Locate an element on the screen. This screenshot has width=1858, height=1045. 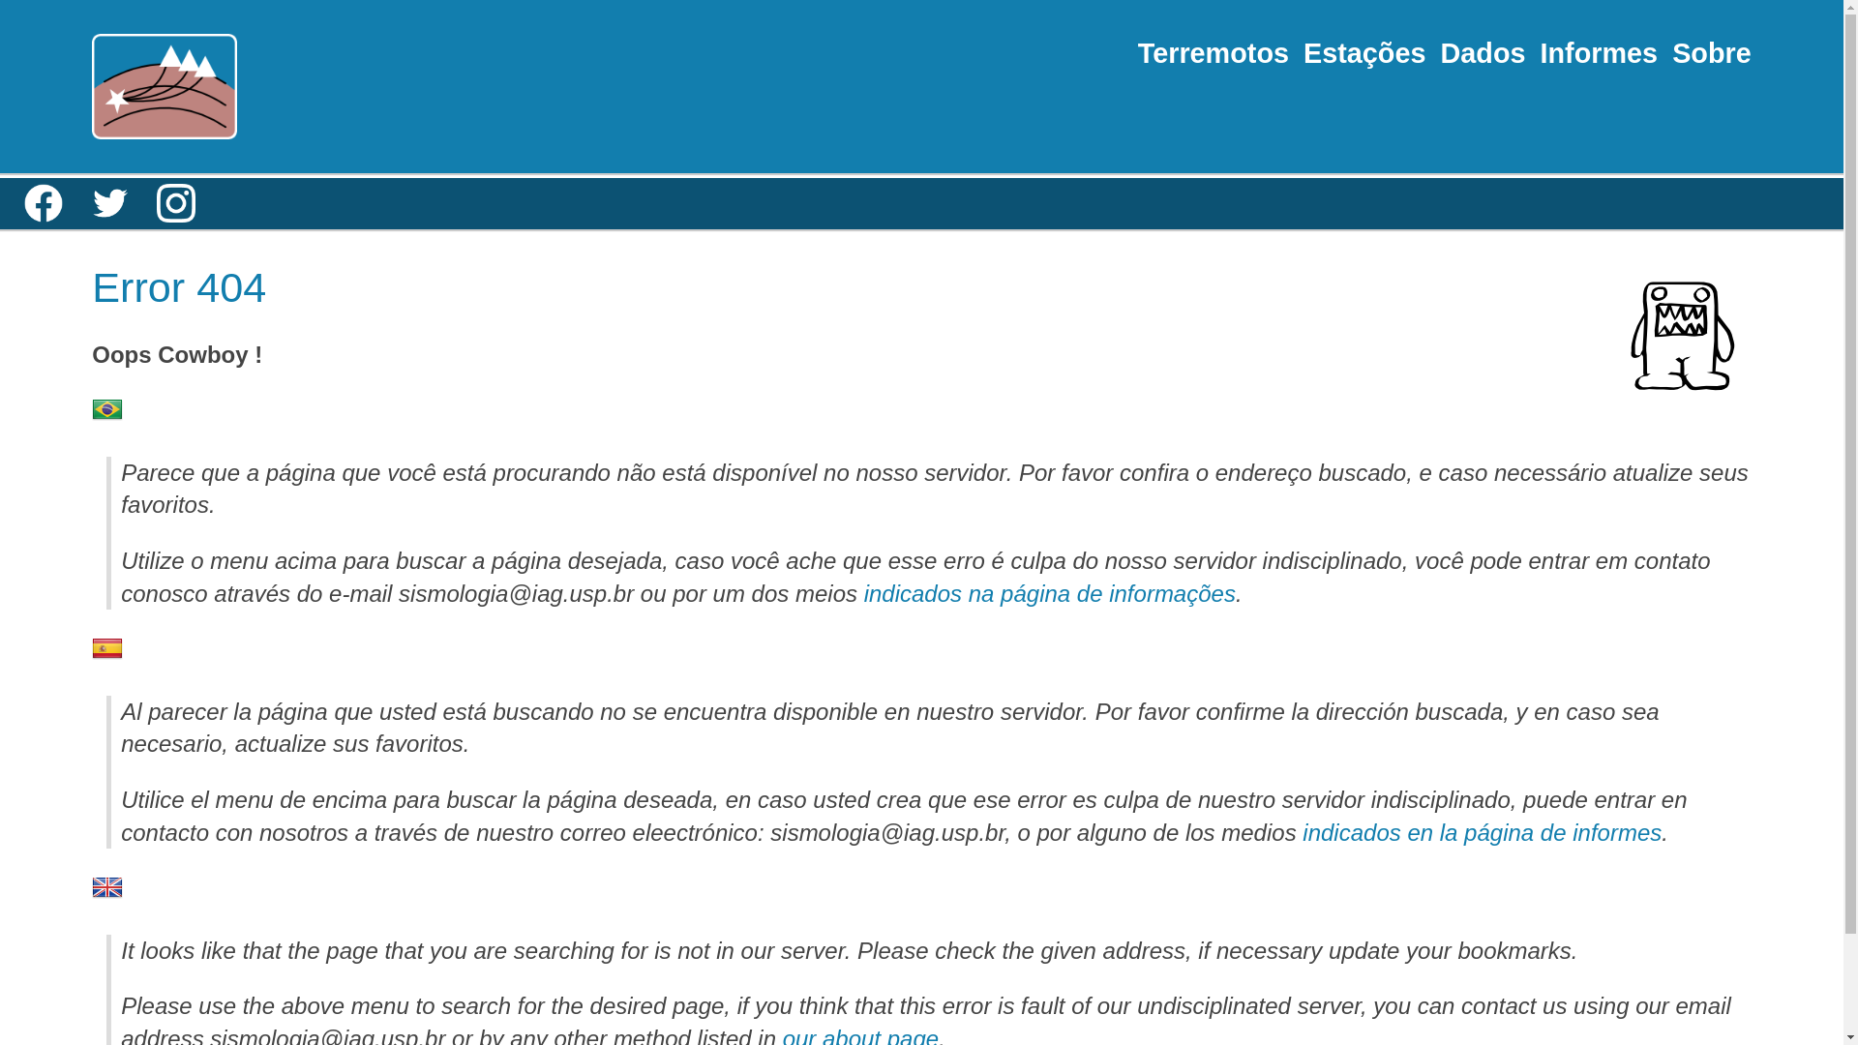
'Dados' is located at coordinates (1481, 51).